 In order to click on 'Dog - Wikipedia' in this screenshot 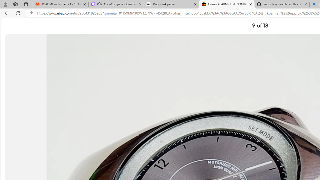, I will do `click(171, 4)`.